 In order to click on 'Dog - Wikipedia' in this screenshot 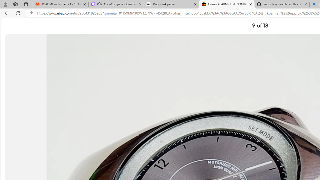, I will do `click(171, 4)`.